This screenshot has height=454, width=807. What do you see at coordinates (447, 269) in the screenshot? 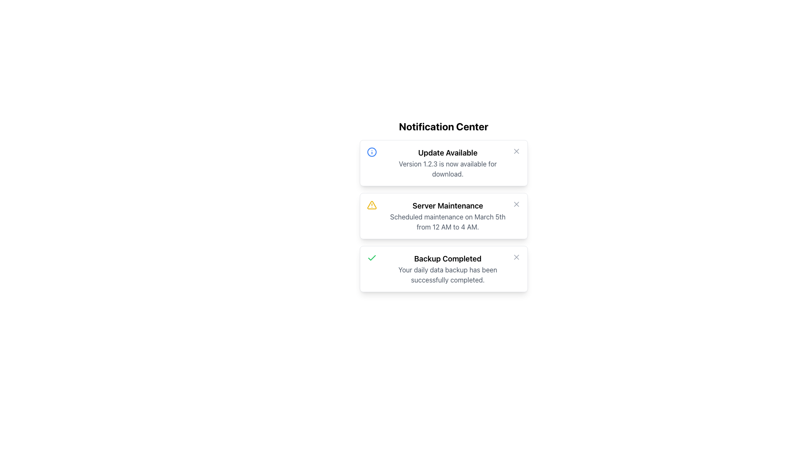
I see `the text block that displays 'Backup Completed' and 'Your daily data backup has been successfully completed.' in the third notification card` at bounding box center [447, 269].